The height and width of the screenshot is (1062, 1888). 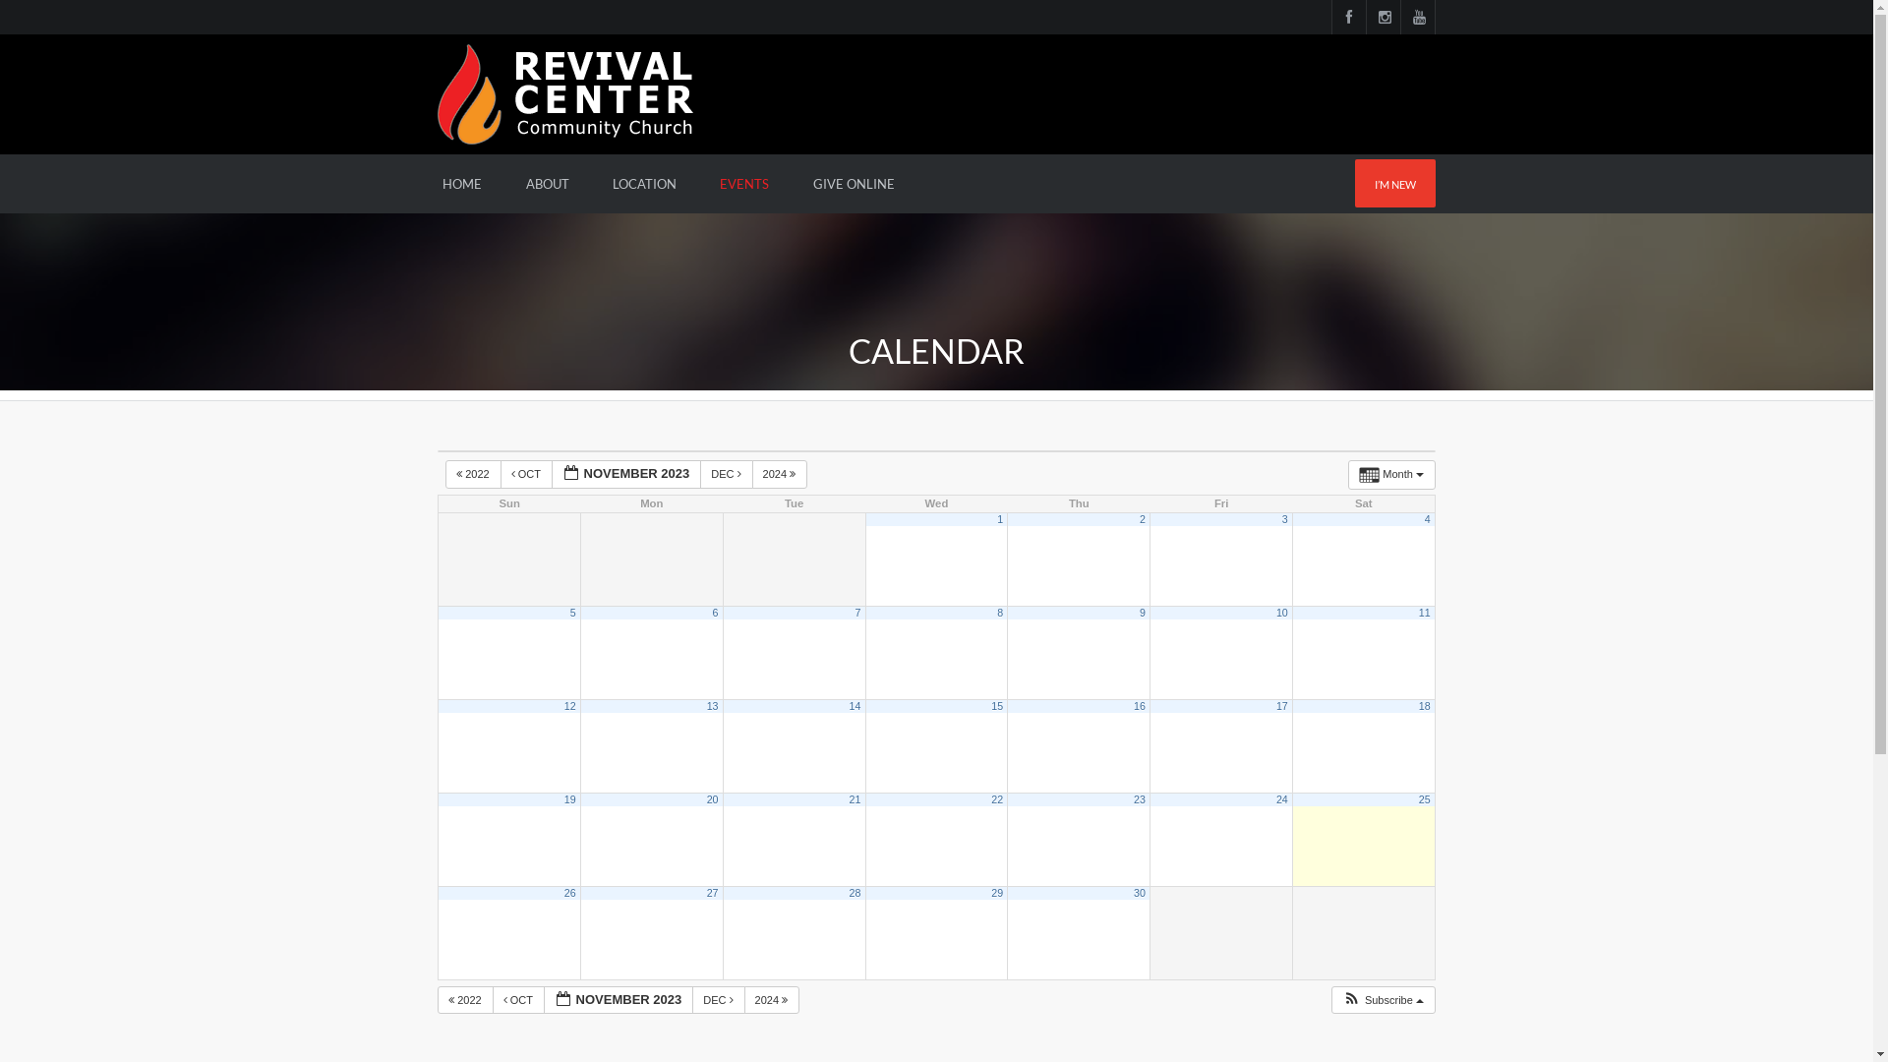 What do you see at coordinates (592, 183) in the screenshot?
I see `'LOCATION'` at bounding box center [592, 183].